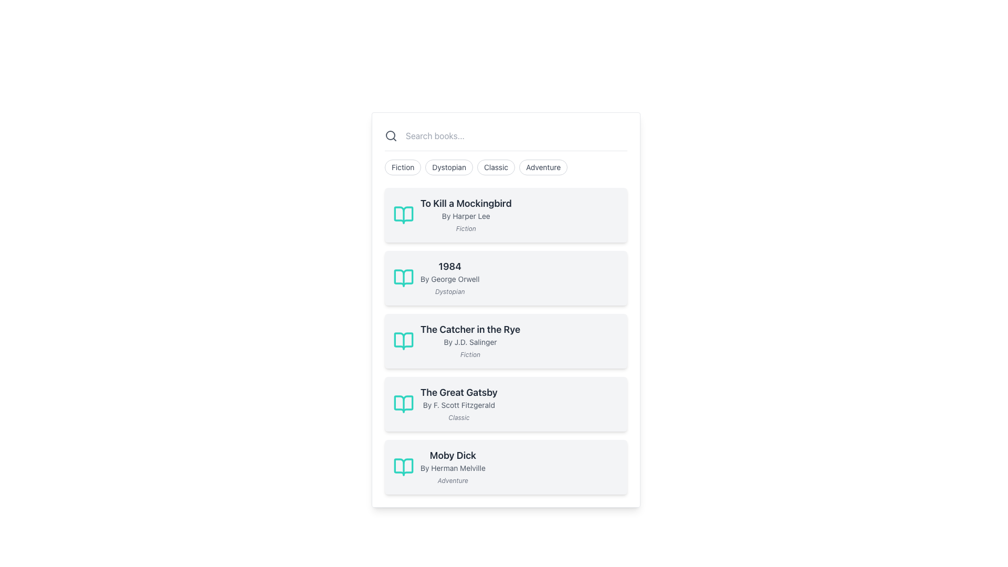  I want to click on the text label displaying 'To Kill a Mockingbird' which is styled with a large, bold font in dark gray color, located in the first book entry of the list, so click(465, 204).